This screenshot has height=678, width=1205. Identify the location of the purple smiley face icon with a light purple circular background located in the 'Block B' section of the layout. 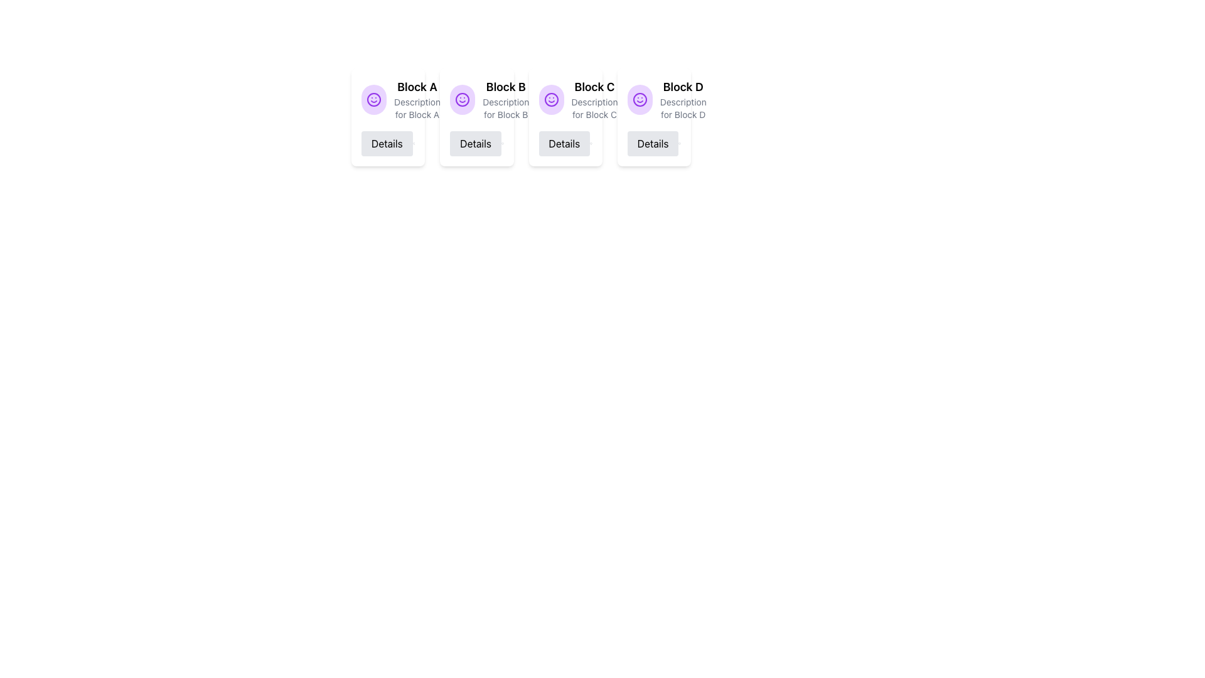
(551, 99).